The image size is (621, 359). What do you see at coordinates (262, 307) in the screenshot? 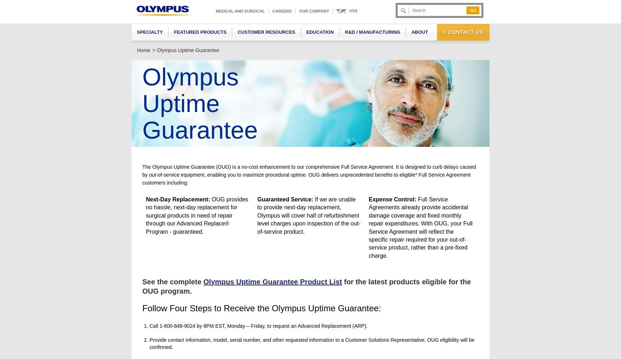
I see `'Follow Four Steps to Receive the Olympus Uptime Guarantee:'` at bounding box center [262, 307].